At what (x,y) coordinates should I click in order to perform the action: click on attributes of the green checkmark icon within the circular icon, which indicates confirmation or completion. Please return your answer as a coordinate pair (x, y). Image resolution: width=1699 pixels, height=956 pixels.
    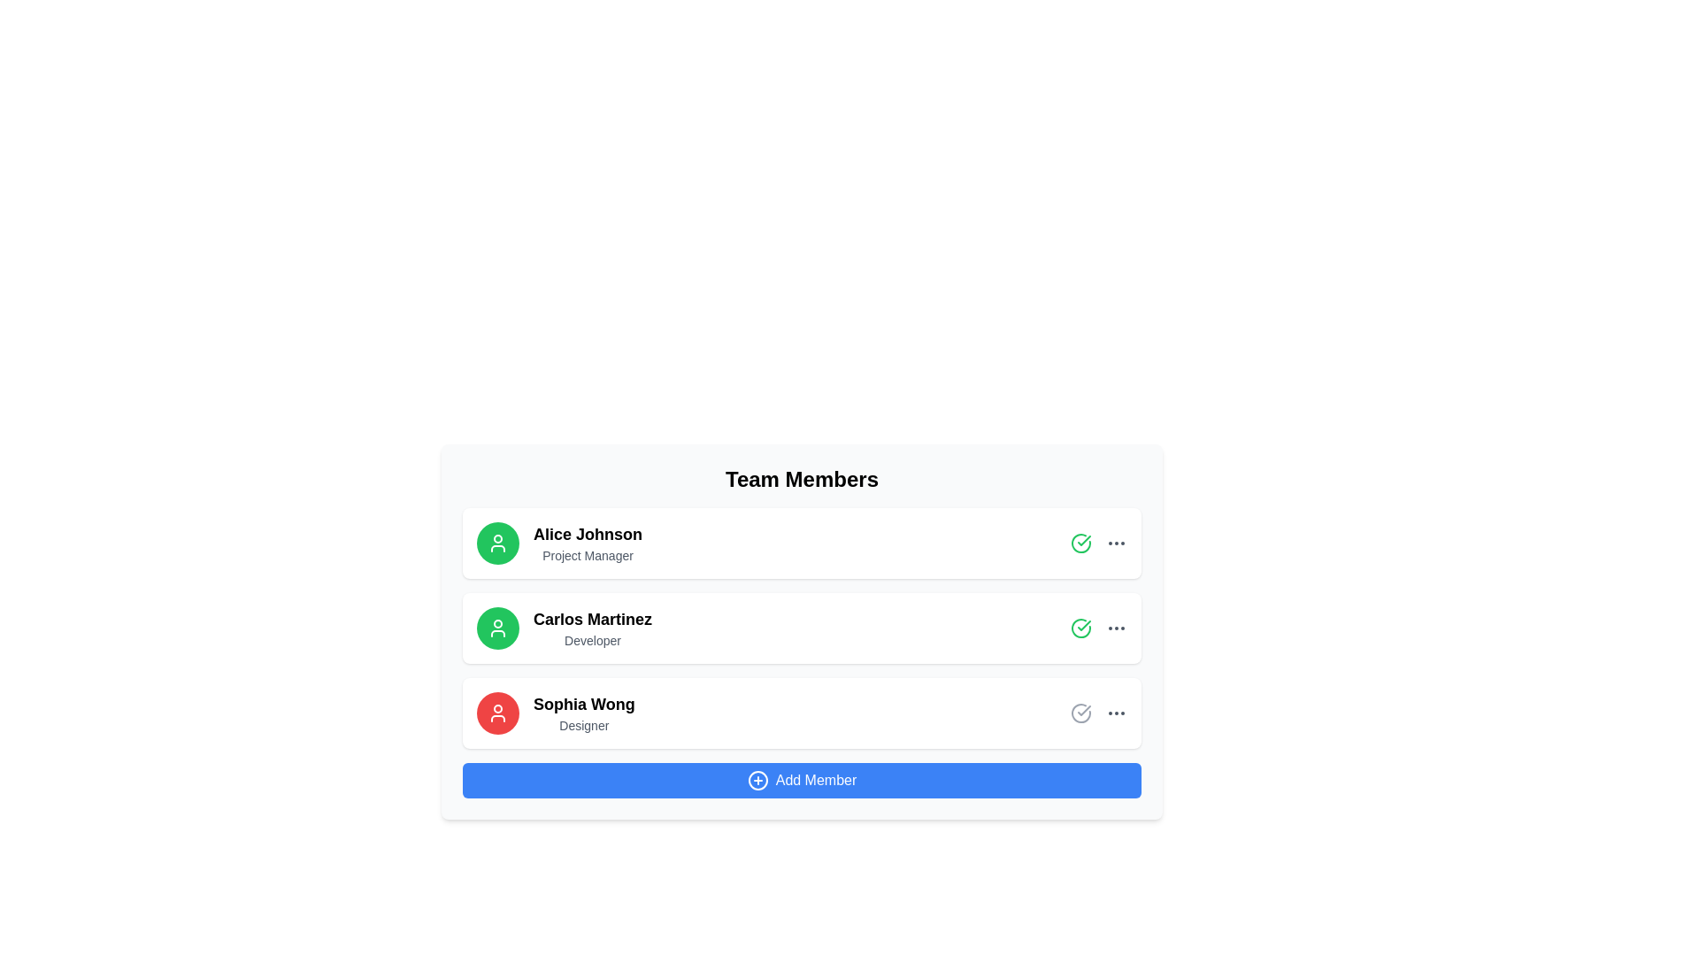
    Looking at the image, I should click on (1083, 539).